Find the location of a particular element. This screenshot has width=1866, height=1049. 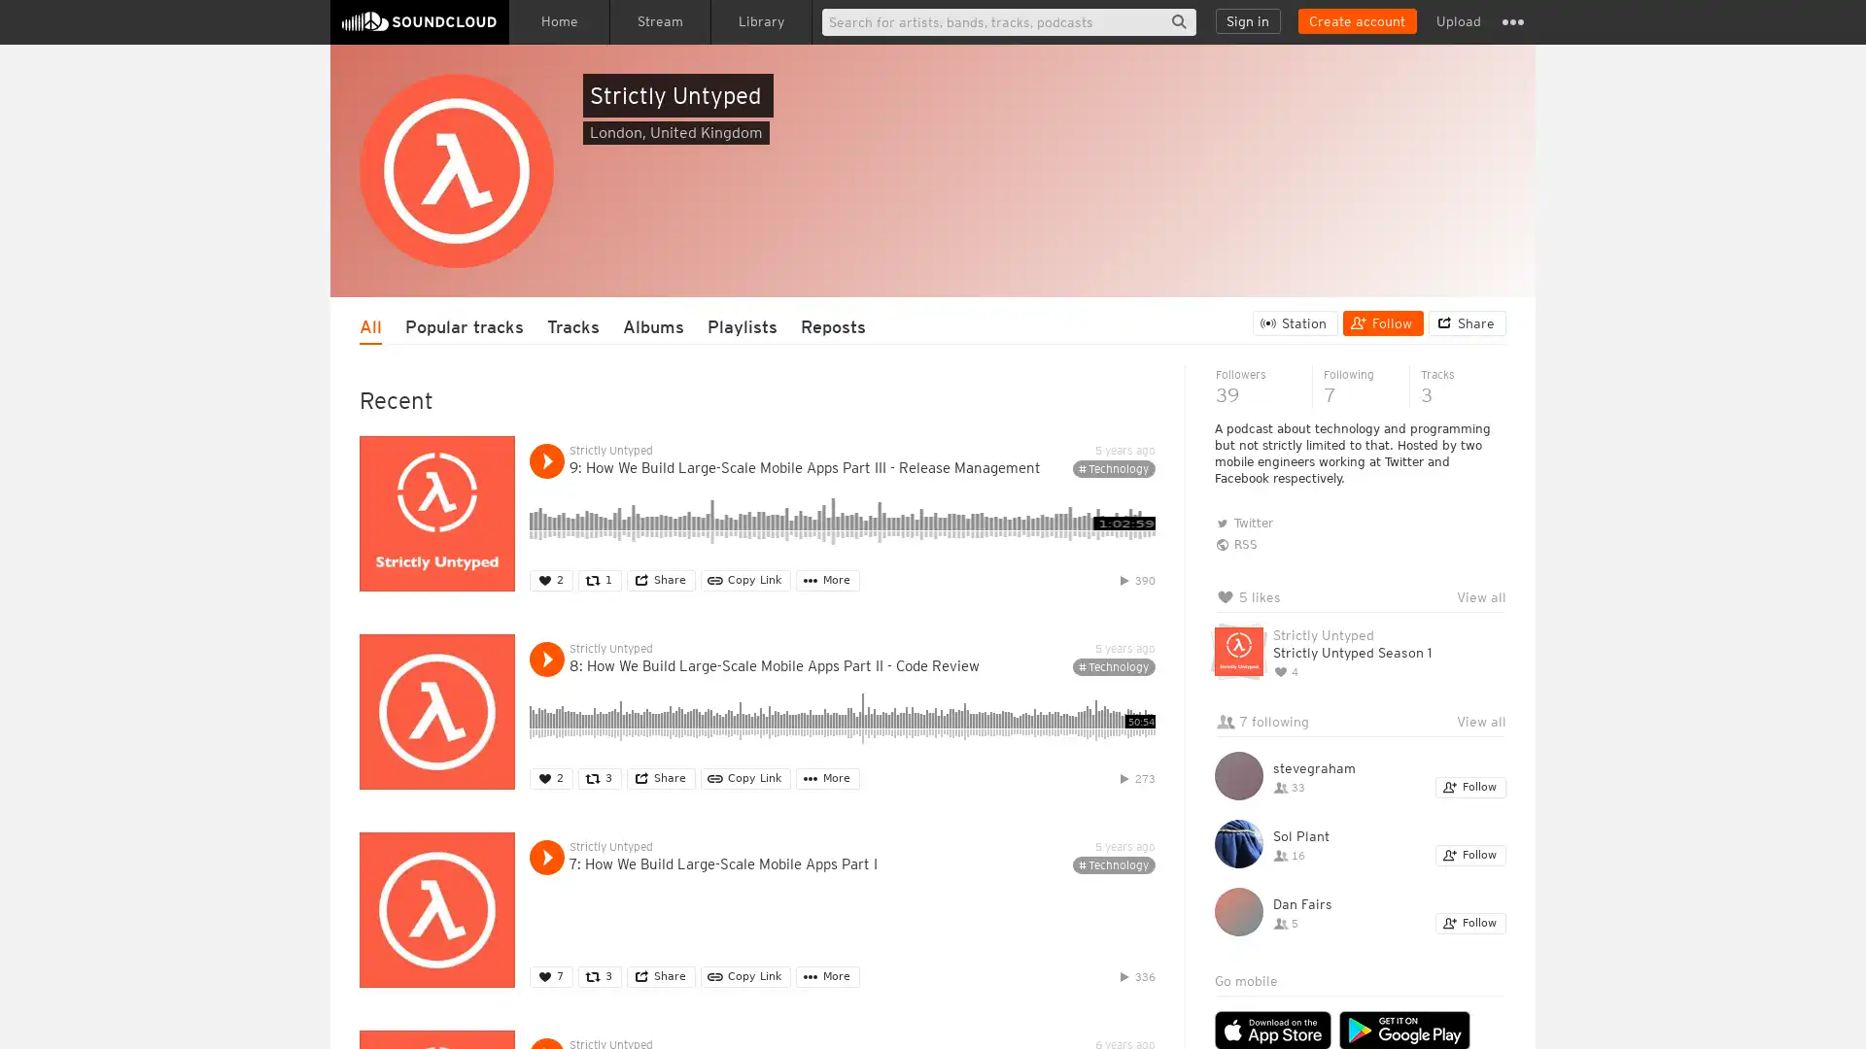

Like is located at coordinates (550, 777).